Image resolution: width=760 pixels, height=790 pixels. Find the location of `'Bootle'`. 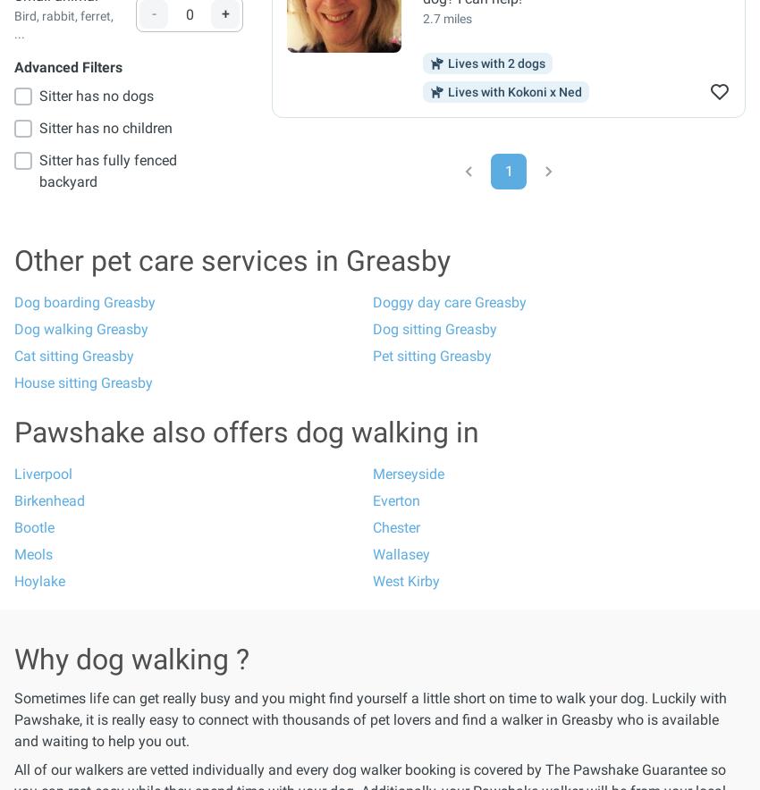

'Bootle' is located at coordinates (13, 527).